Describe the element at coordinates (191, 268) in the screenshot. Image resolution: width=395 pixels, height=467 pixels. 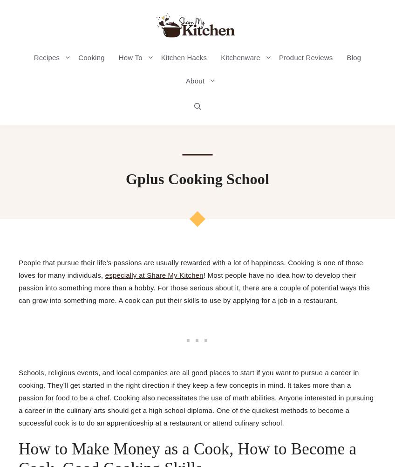
I see `'People that pursue their life’s passions are usually rewarded with a lot of happiness. Cooking is one of those loves for many individuals,'` at that location.